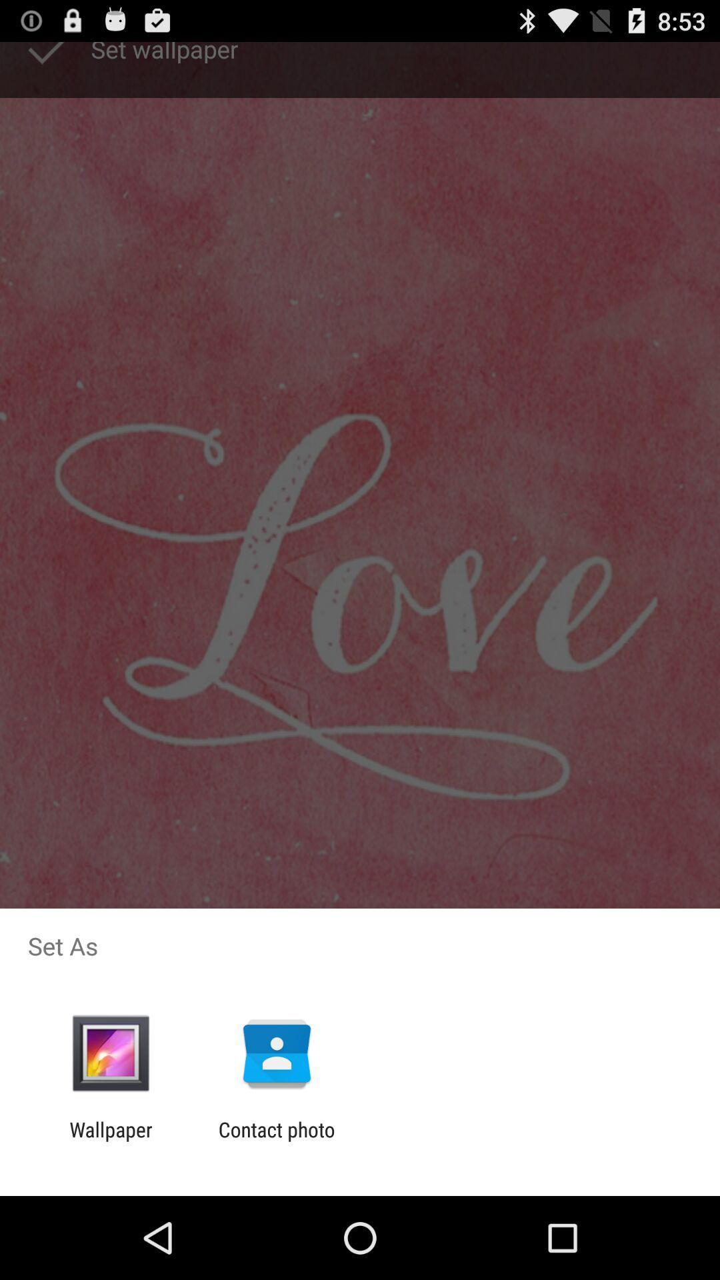 The width and height of the screenshot is (720, 1280). I want to click on the contact photo item, so click(276, 1141).